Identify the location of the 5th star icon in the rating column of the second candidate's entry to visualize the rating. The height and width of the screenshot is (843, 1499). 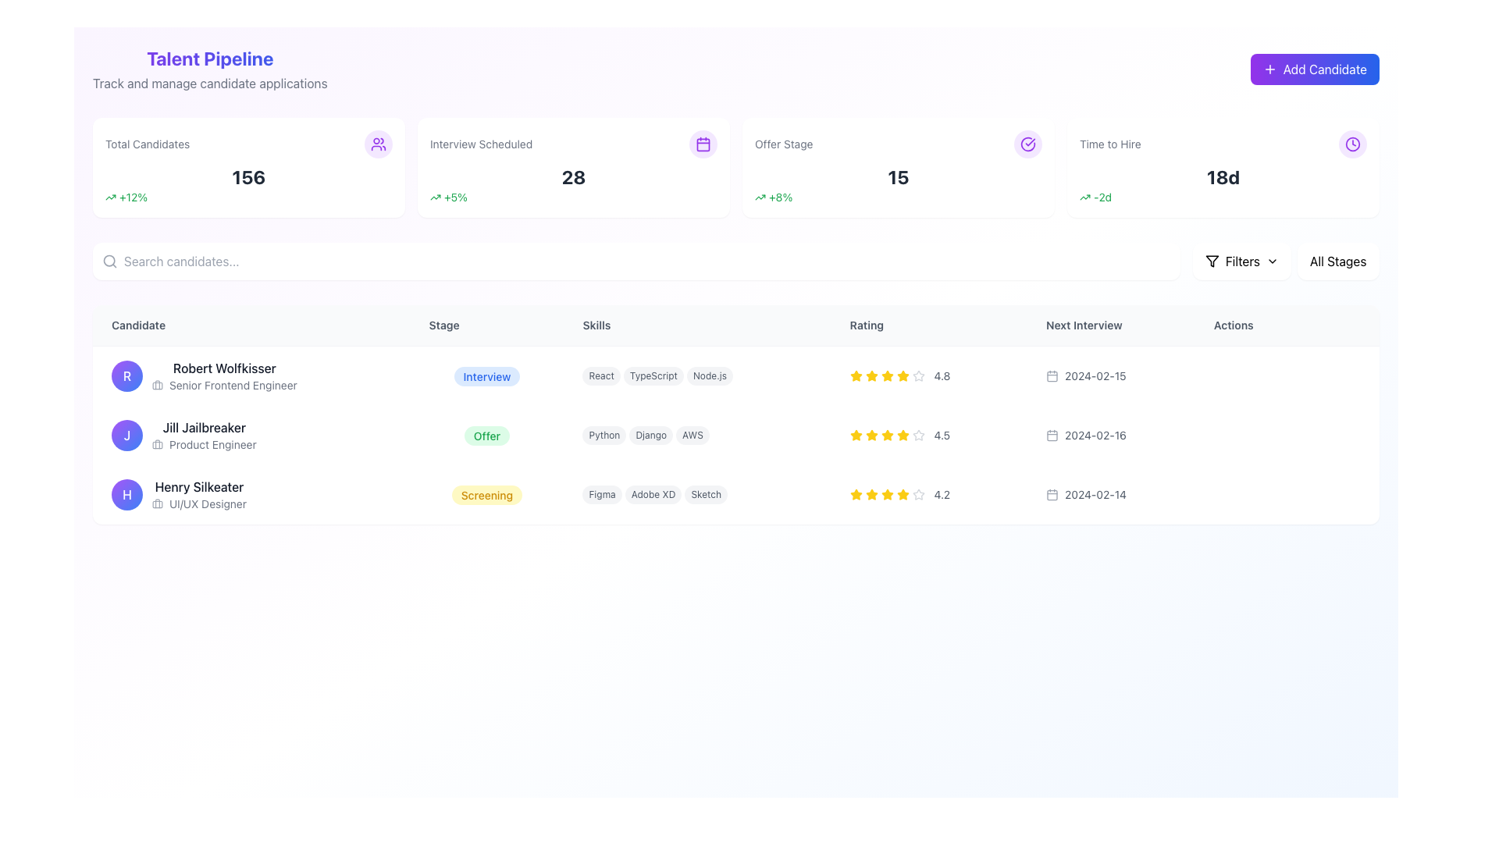
(918, 436).